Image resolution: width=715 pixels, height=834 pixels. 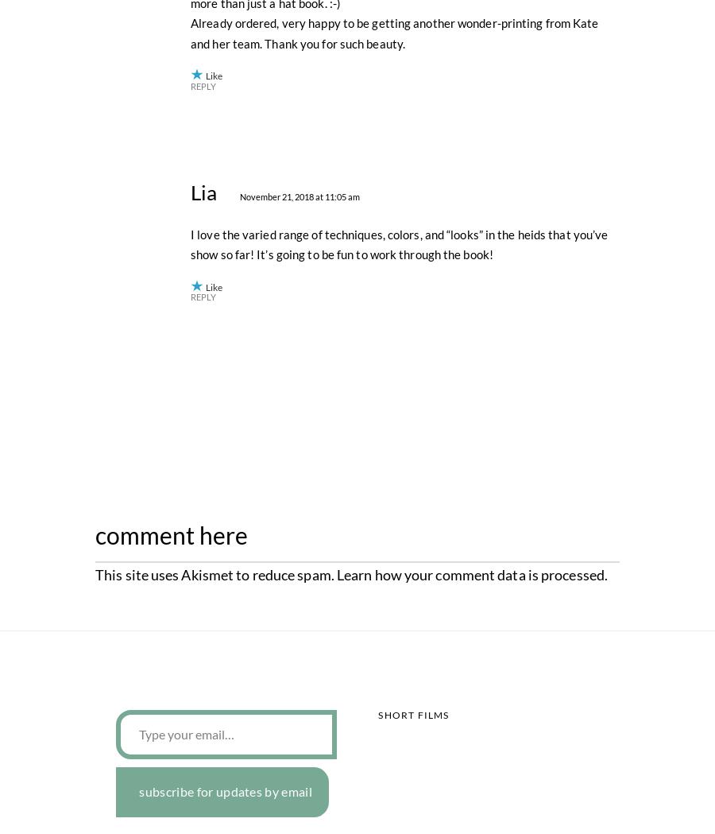 What do you see at coordinates (215, 58) in the screenshot?
I see `'Susan'` at bounding box center [215, 58].